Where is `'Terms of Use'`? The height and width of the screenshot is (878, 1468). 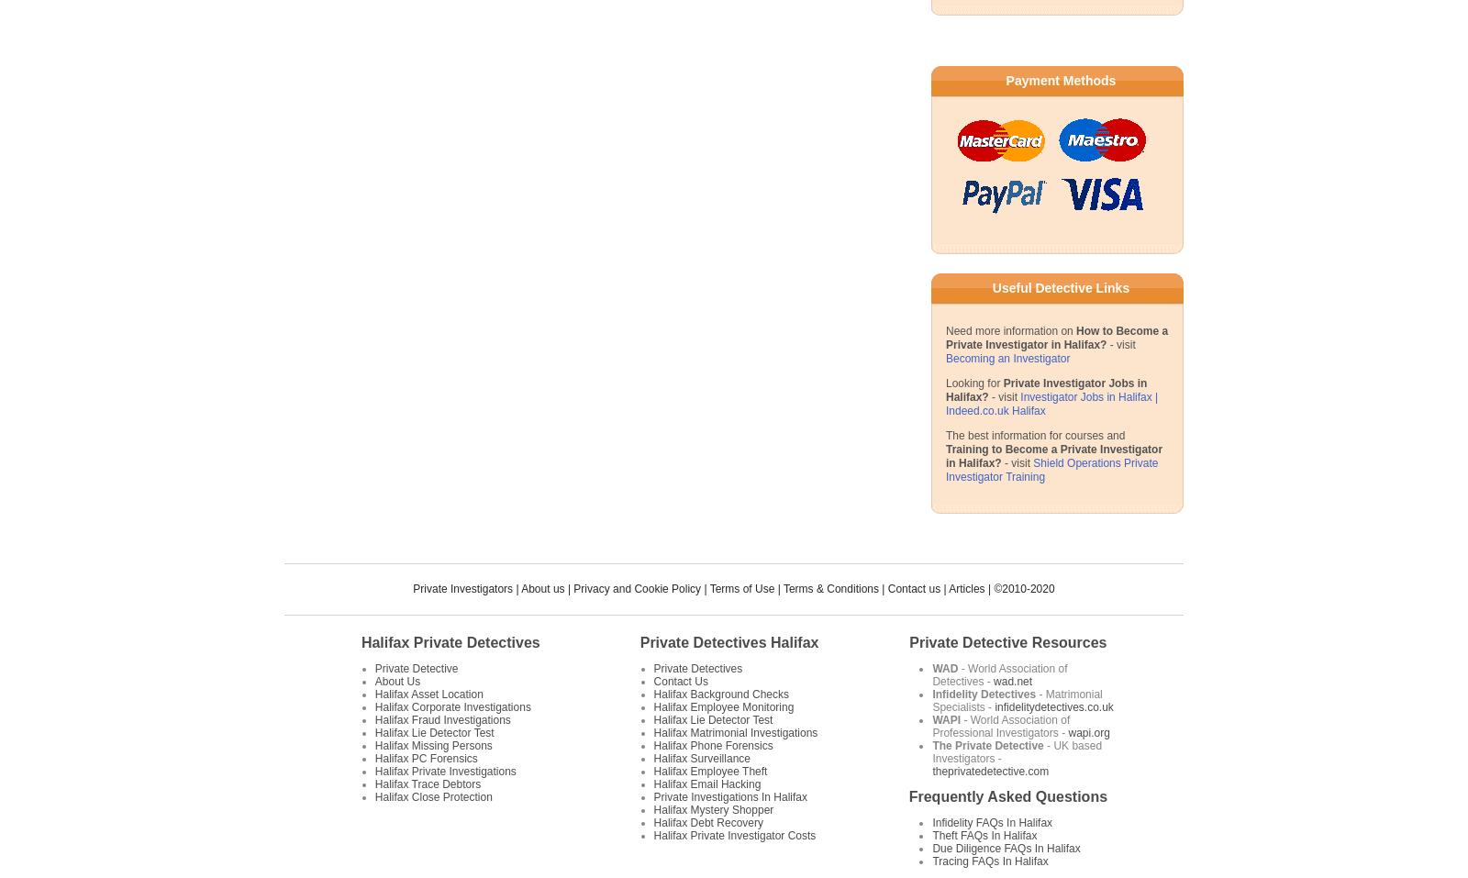 'Terms of Use' is located at coordinates (708, 587).